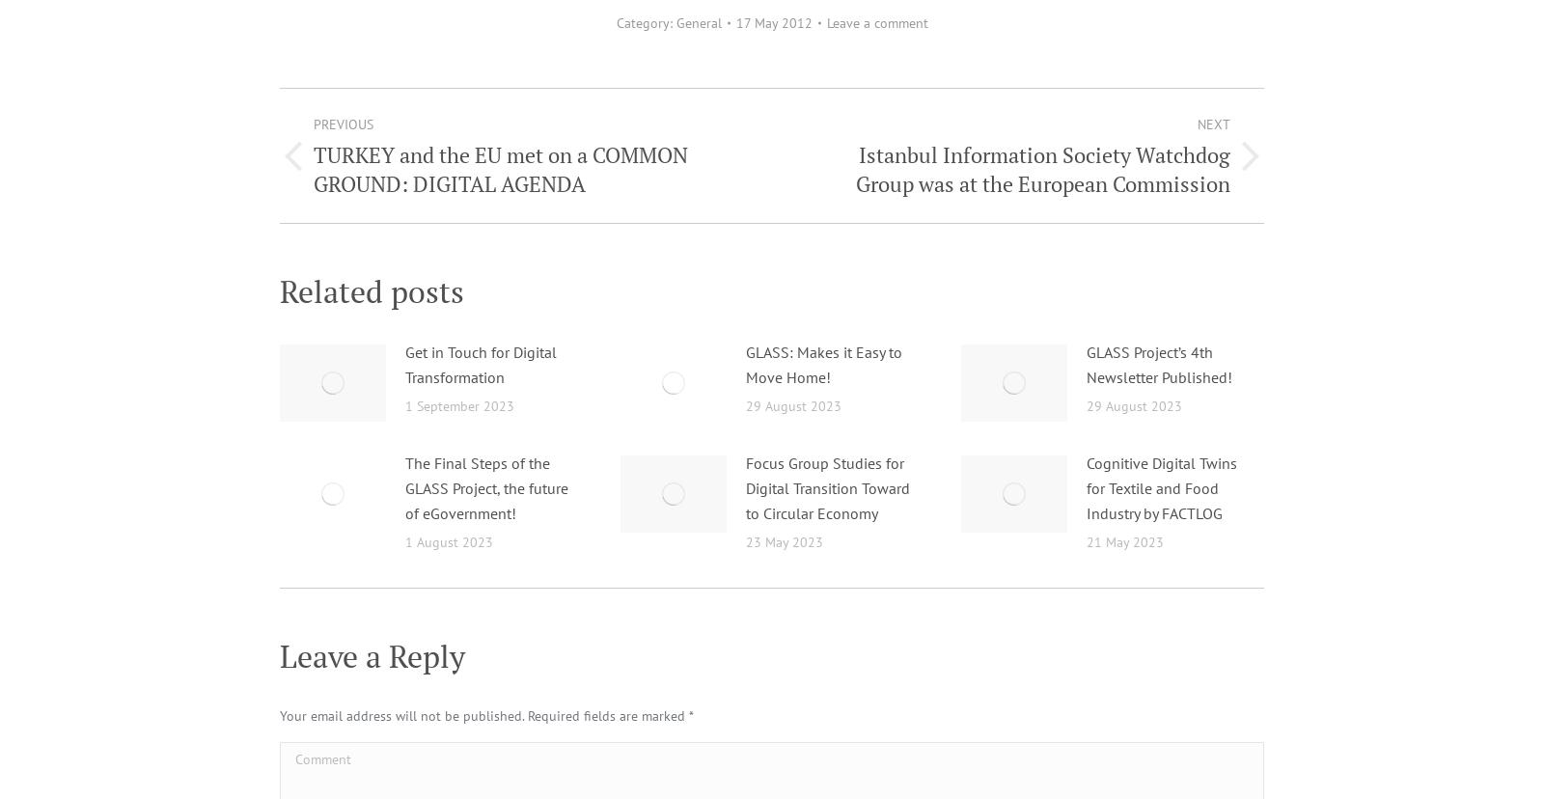 The height and width of the screenshot is (799, 1544). I want to click on 'Cognitive Digital Twins for Textile and Food Industry by FACTLOG', so click(1161, 487).